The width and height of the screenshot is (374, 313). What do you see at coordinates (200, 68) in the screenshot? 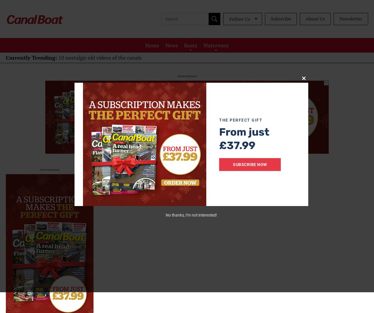
I see `'Restoration'` at bounding box center [200, 68].